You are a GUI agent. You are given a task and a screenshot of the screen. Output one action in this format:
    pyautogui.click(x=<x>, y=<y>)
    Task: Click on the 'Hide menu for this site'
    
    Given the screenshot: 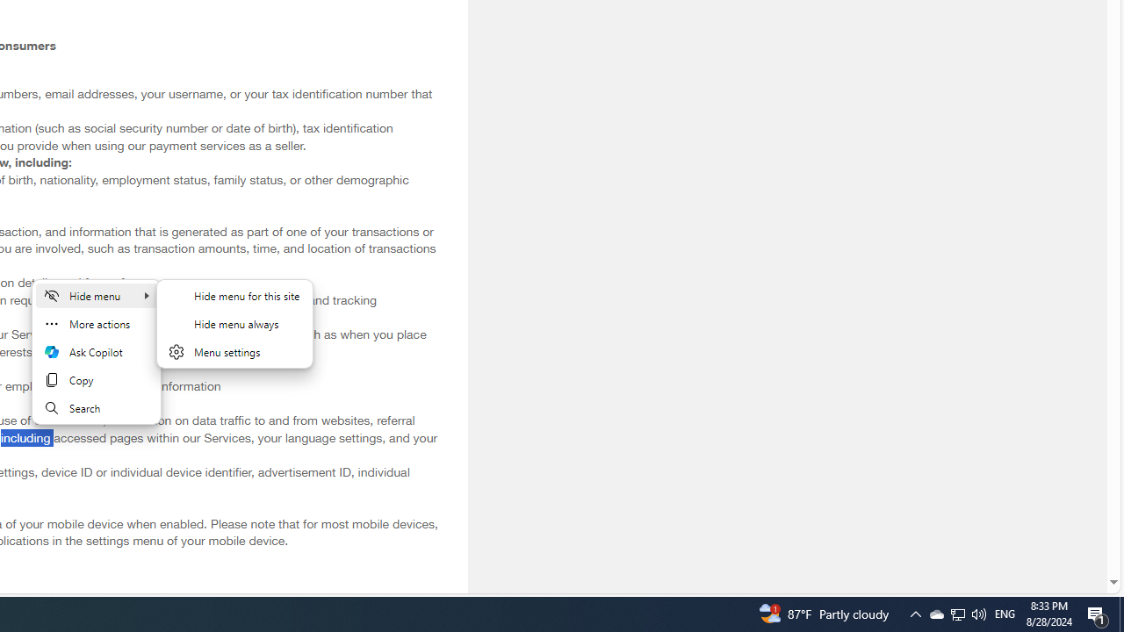 What is the action you would take?
    pyautogui.click(x=234, y=294)
    